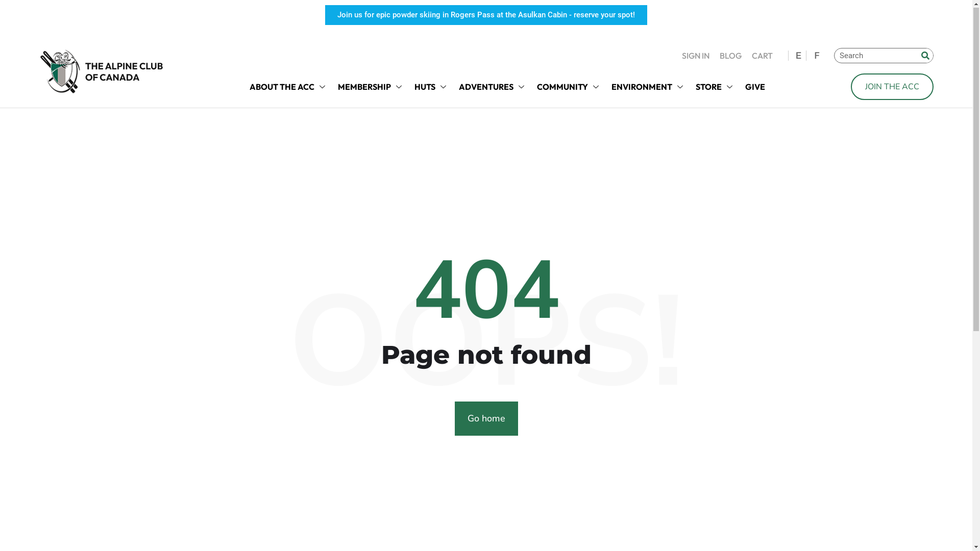  I want to click on 'French', so click(815, 56).